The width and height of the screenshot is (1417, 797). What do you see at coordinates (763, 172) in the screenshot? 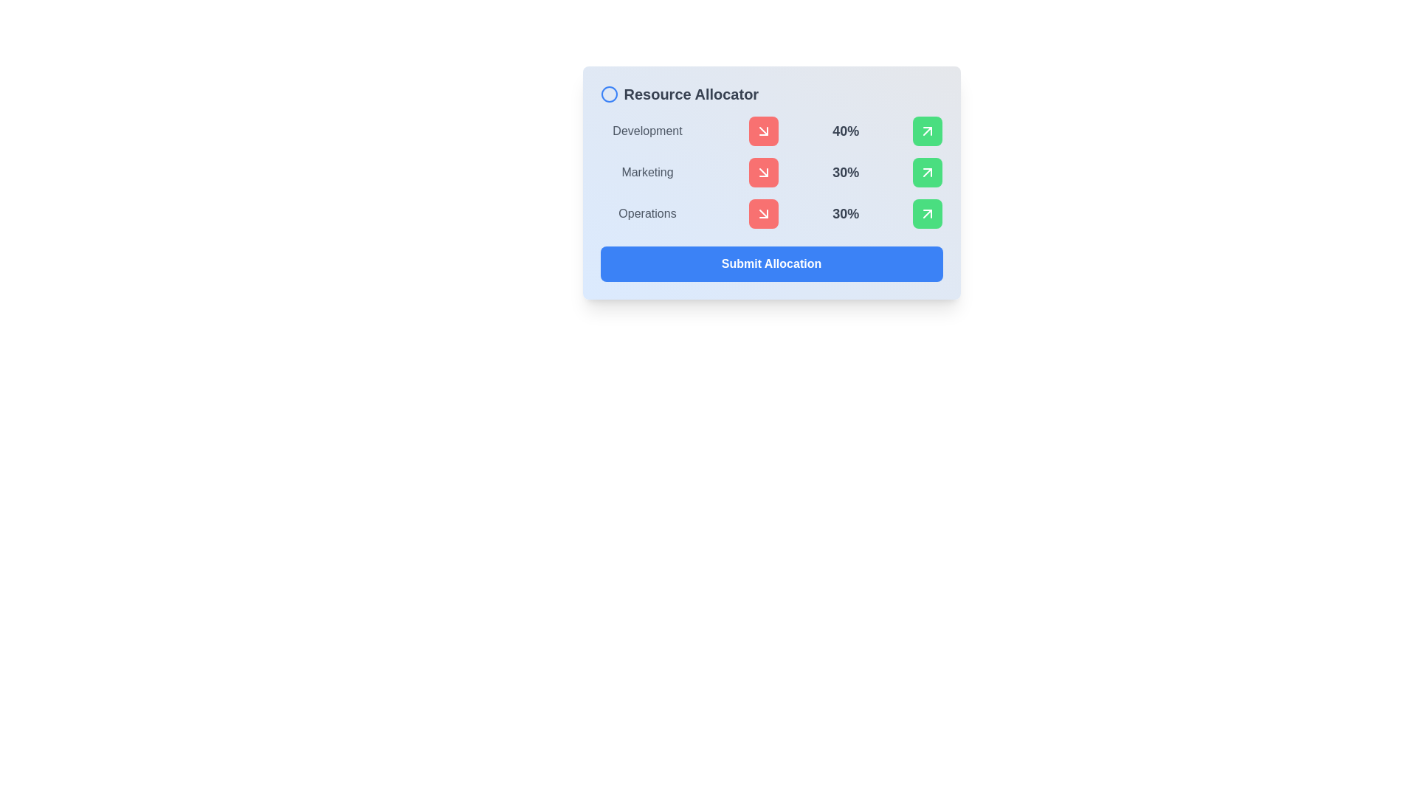
I see `the red circular button with a white downward arrow located in the 'Resource Allocator' form, positioned between the 'Marketing' label and the '30%' label, to decrease the percentage allocation` at bounding box center [763, 172].